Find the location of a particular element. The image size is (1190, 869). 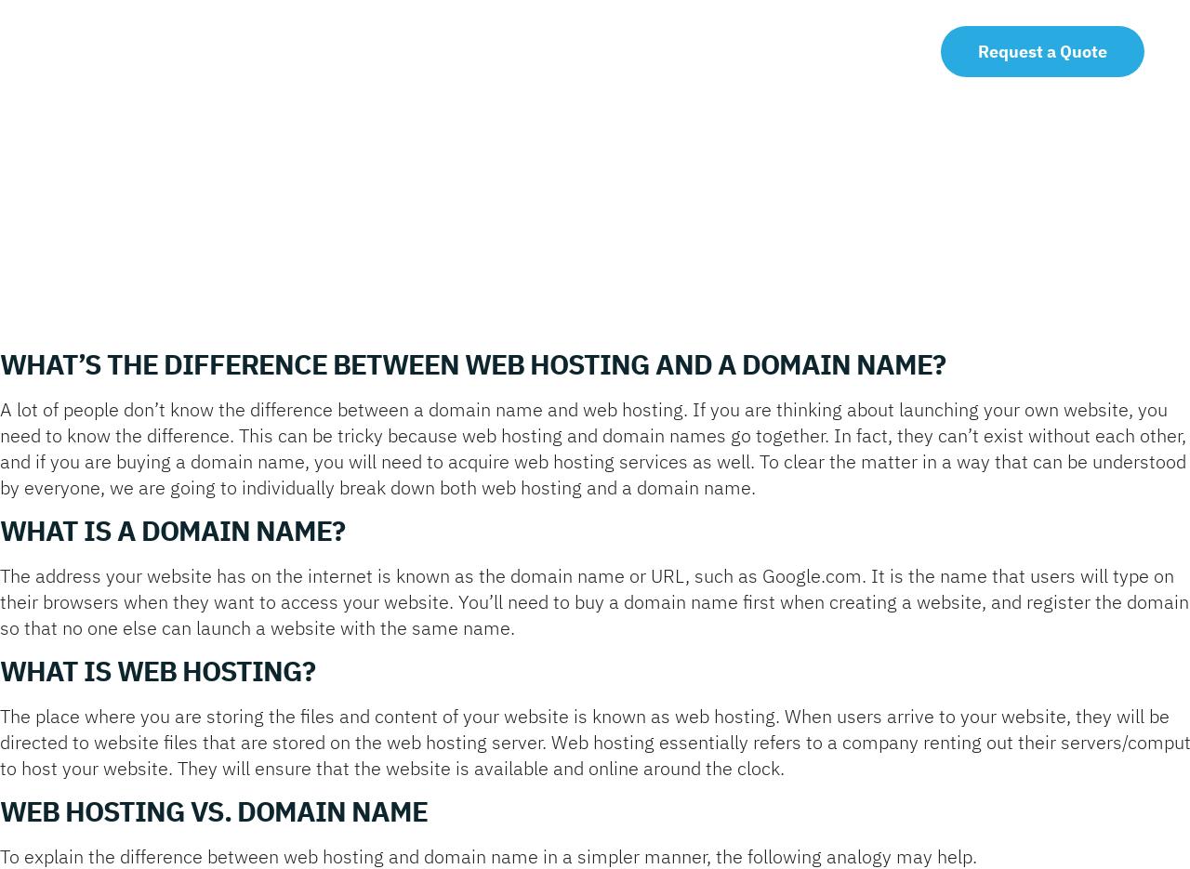

'Logo Design' is located at coordinates (471, 158).